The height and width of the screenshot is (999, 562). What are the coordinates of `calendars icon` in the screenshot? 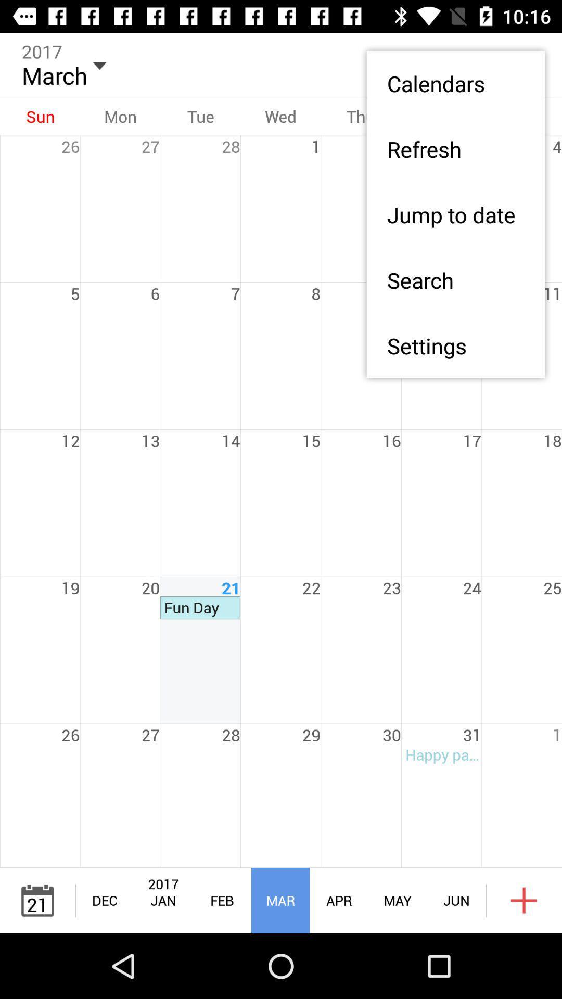 It's located at (455, 83).